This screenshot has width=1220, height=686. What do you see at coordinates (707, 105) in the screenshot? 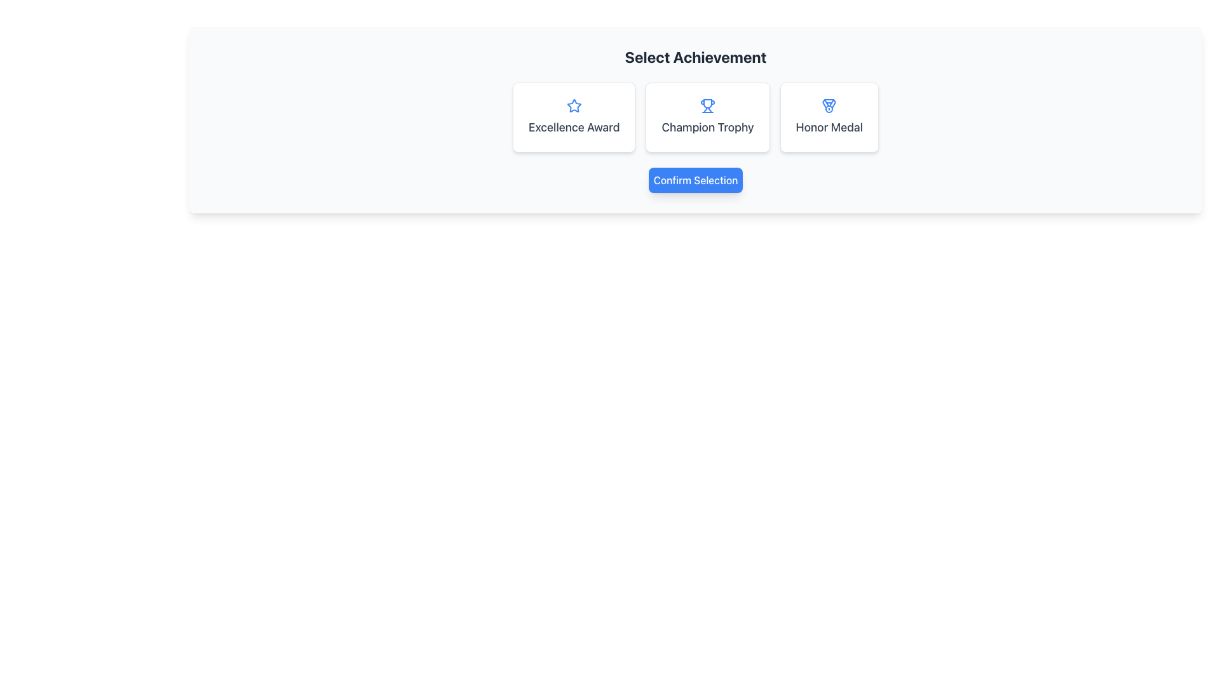
I see `the blue trophy icon located above the text 'Champion Trophy' in the second option of the 'Select Achievement' selection area` at bounding box center [707, 105].